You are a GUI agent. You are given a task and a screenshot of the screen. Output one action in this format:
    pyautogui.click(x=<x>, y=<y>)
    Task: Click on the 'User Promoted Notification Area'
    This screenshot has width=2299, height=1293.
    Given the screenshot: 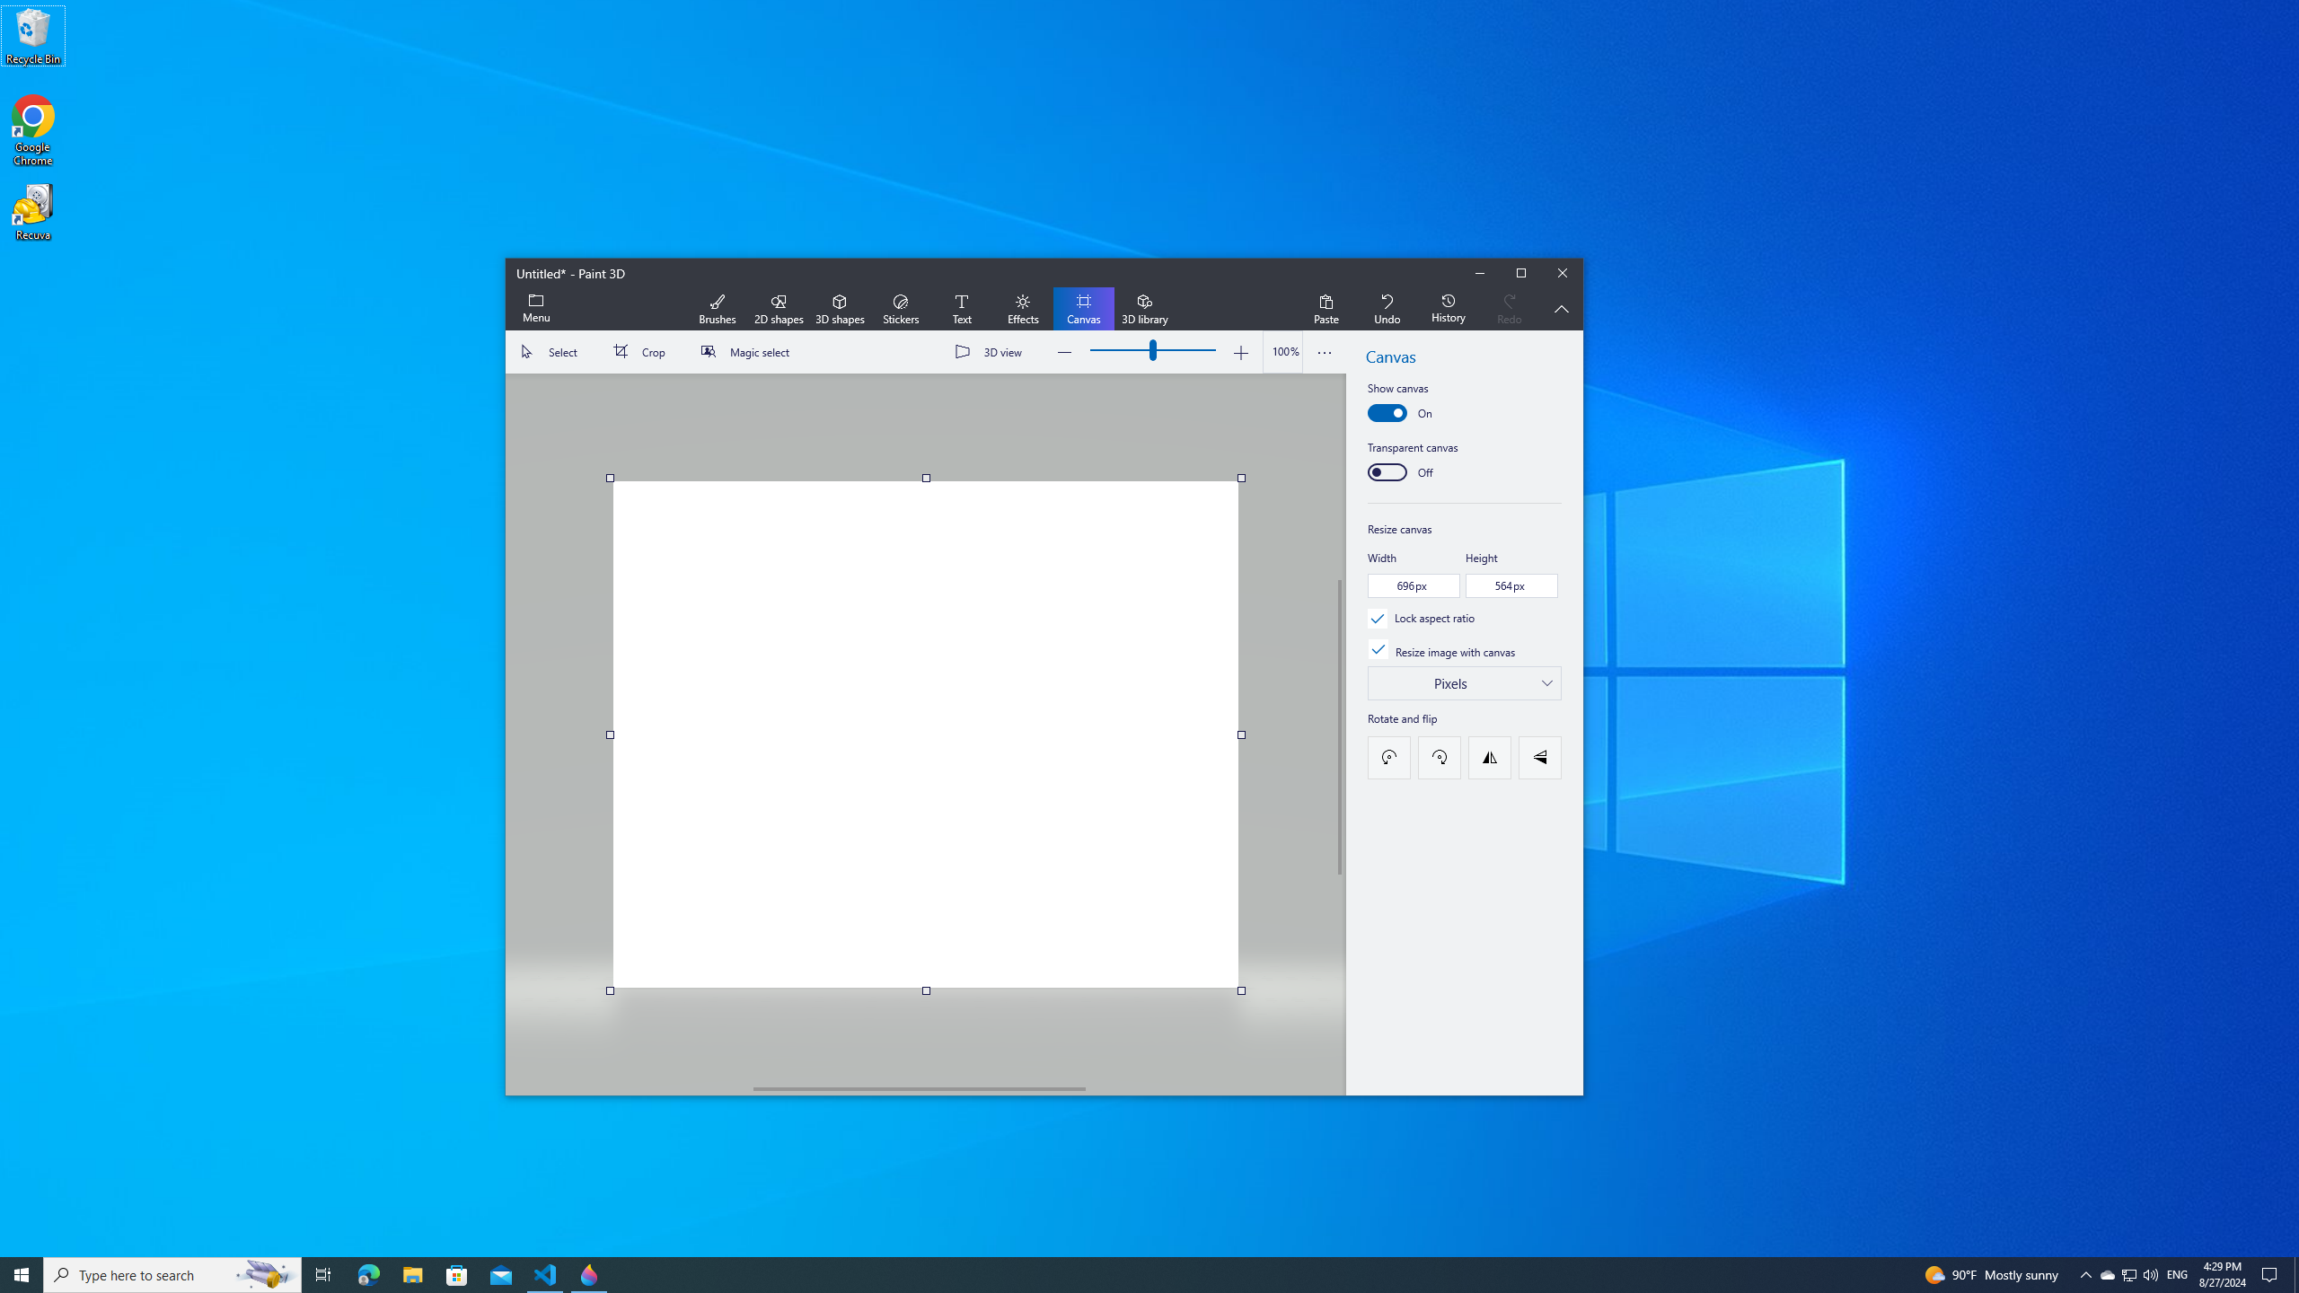 What is the action you would take?
    pyautogui.click(x=2127, y=1273)
    